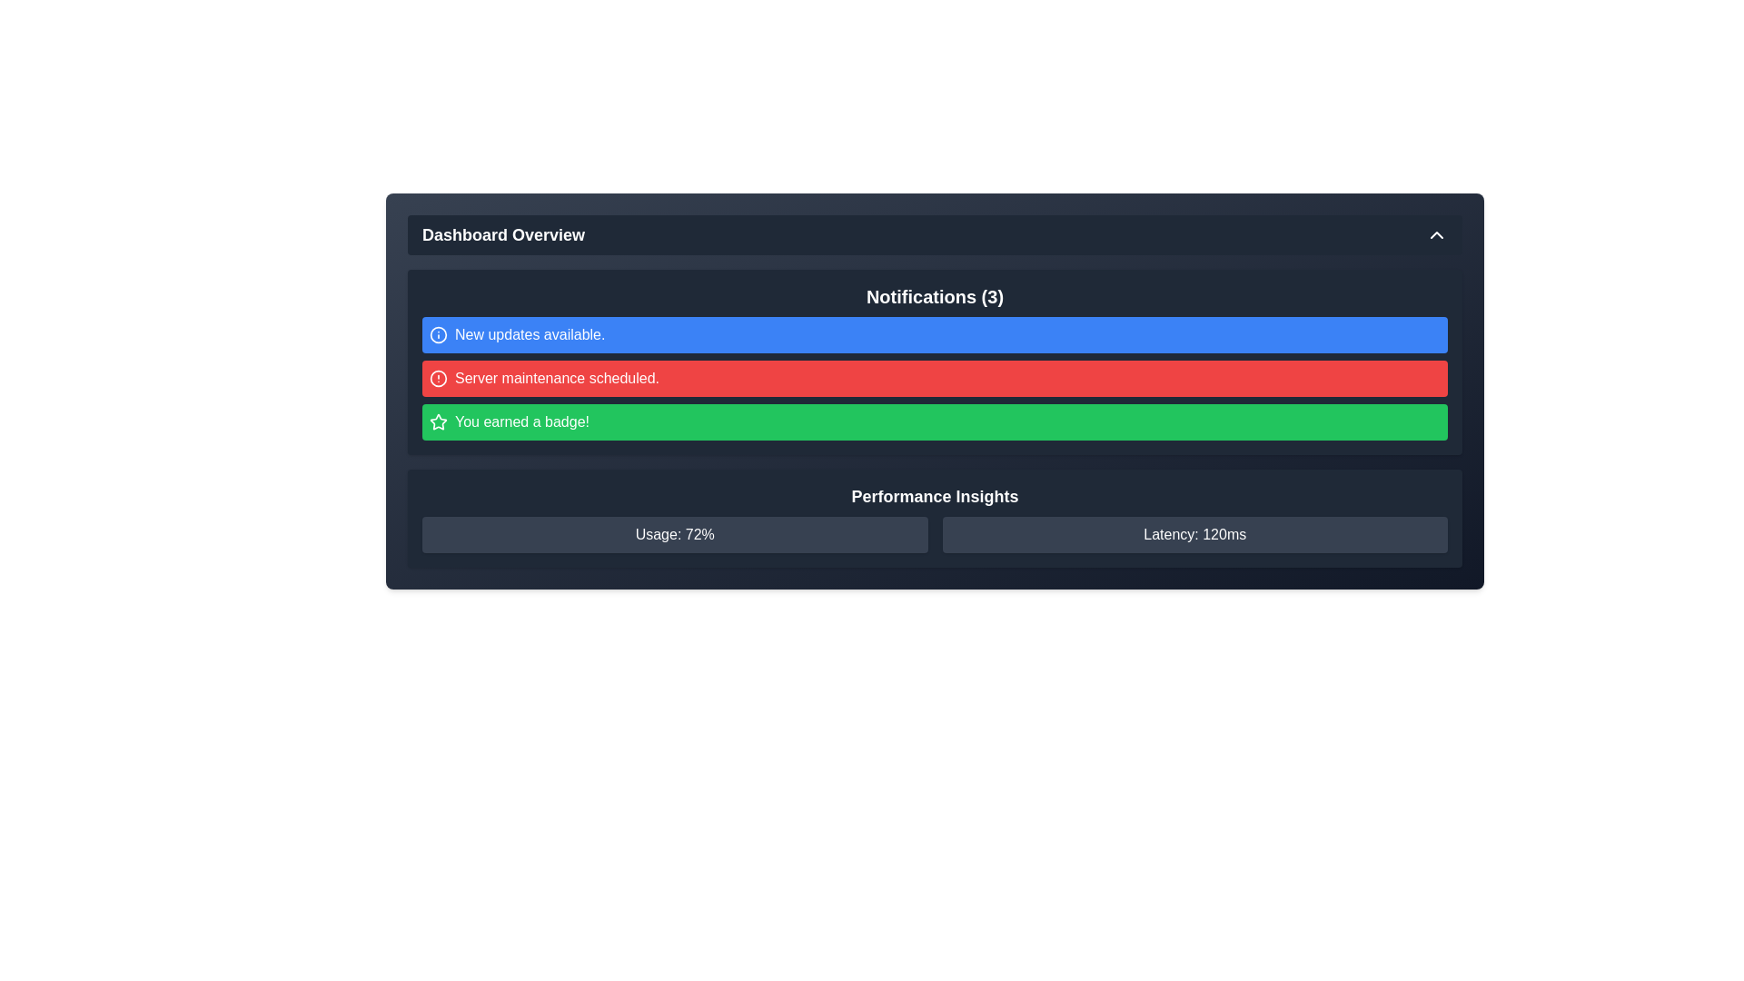  Describe the element at coordinates (1194, 534) in the screenshot. I see `the non-interactive Text display component that shows latency information in the 'Performance Insights' section, located to the right of the 'Usage: 72%' component` at that location.